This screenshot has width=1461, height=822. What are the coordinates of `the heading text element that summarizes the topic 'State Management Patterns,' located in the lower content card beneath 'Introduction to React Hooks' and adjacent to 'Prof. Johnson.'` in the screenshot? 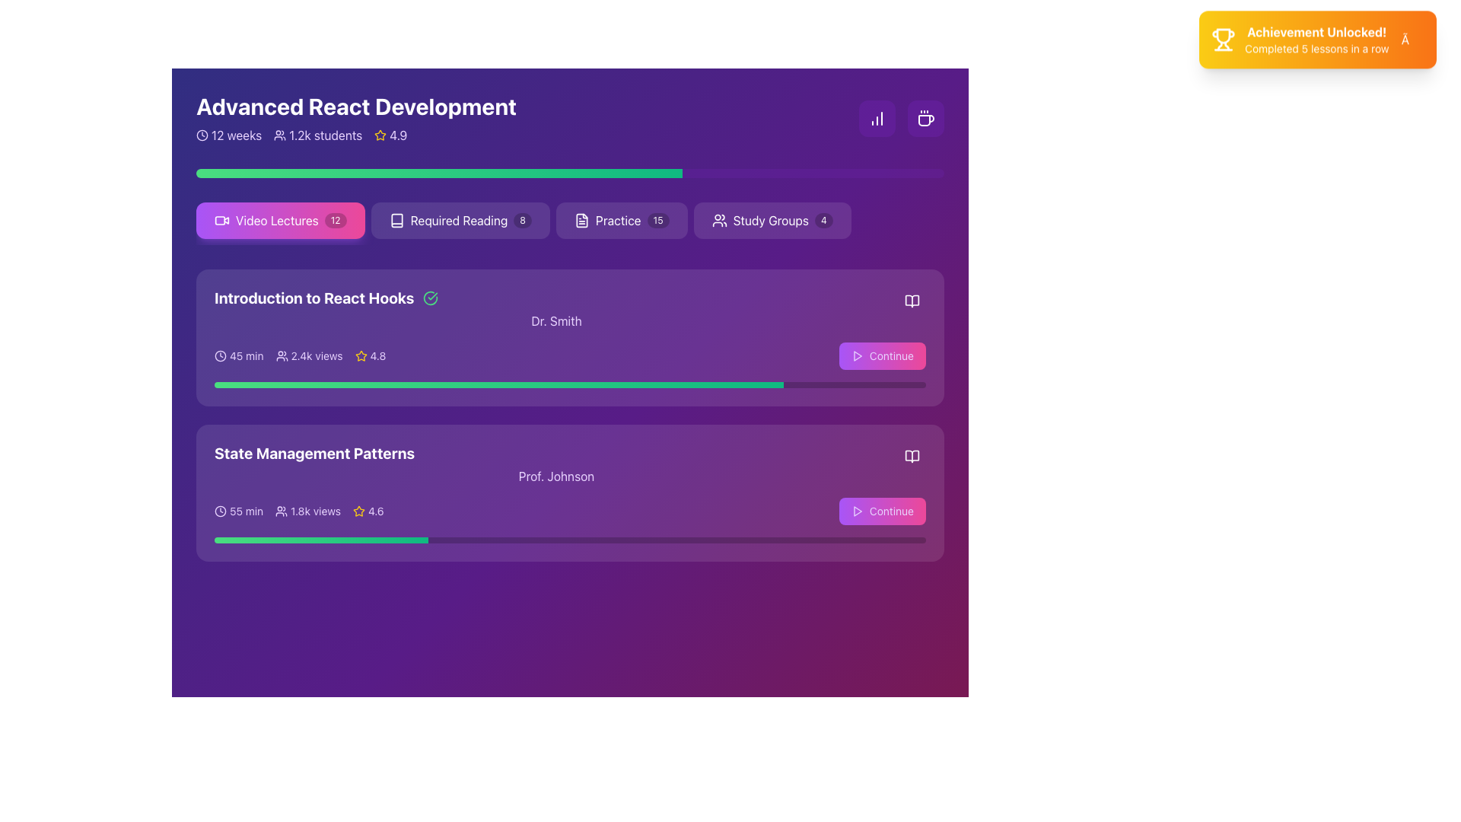 It's located at (314, 453).